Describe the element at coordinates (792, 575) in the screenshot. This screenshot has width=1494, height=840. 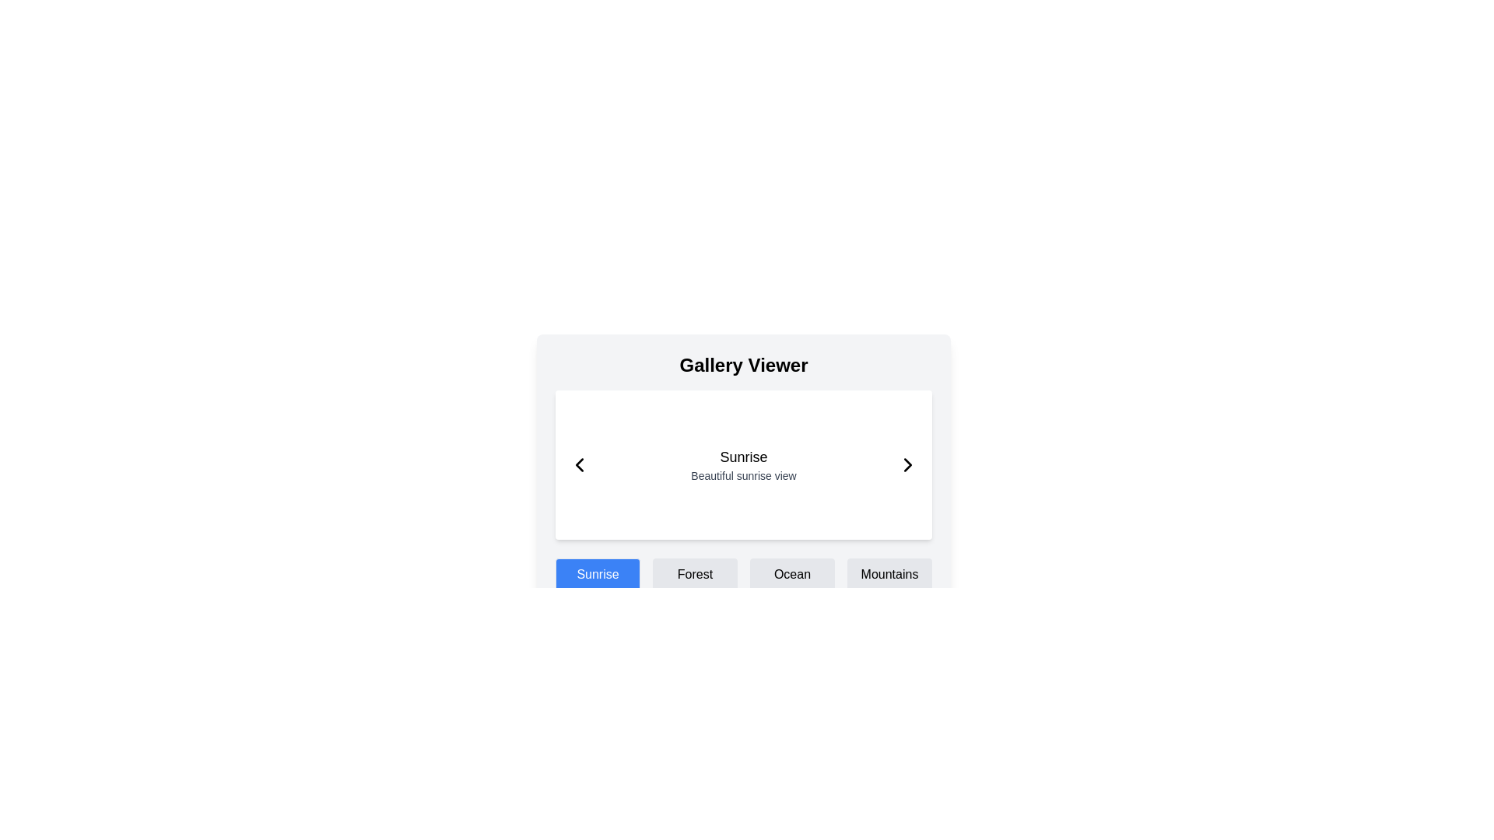
I see `the 'Ocean' button located in the gallery viewer interface, which is the third button in a horizontal row of four, situated between the 'Forest' and 'Mountains' buttons` at that location.